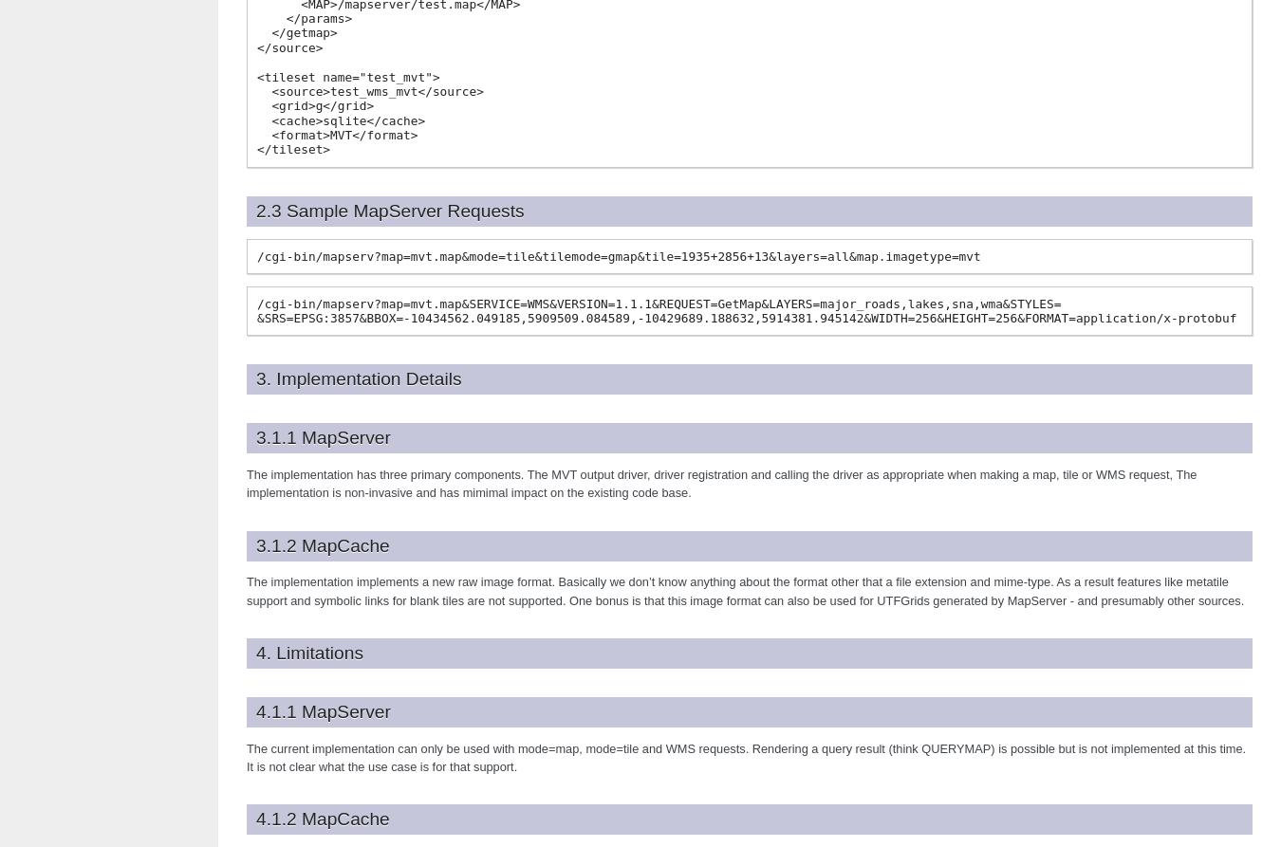 The image size is (1281, 847). What do you see at coordinates (720, 482) in the screenshot?
I see `'The implementation has three primary components. The MVT output driver, driver registration and calling the driver as appropriate when making a map, tile or WMS request, The implementation is non-invasive and has mimimal impact on the existing code base.'` at bounding box center [720, 482].